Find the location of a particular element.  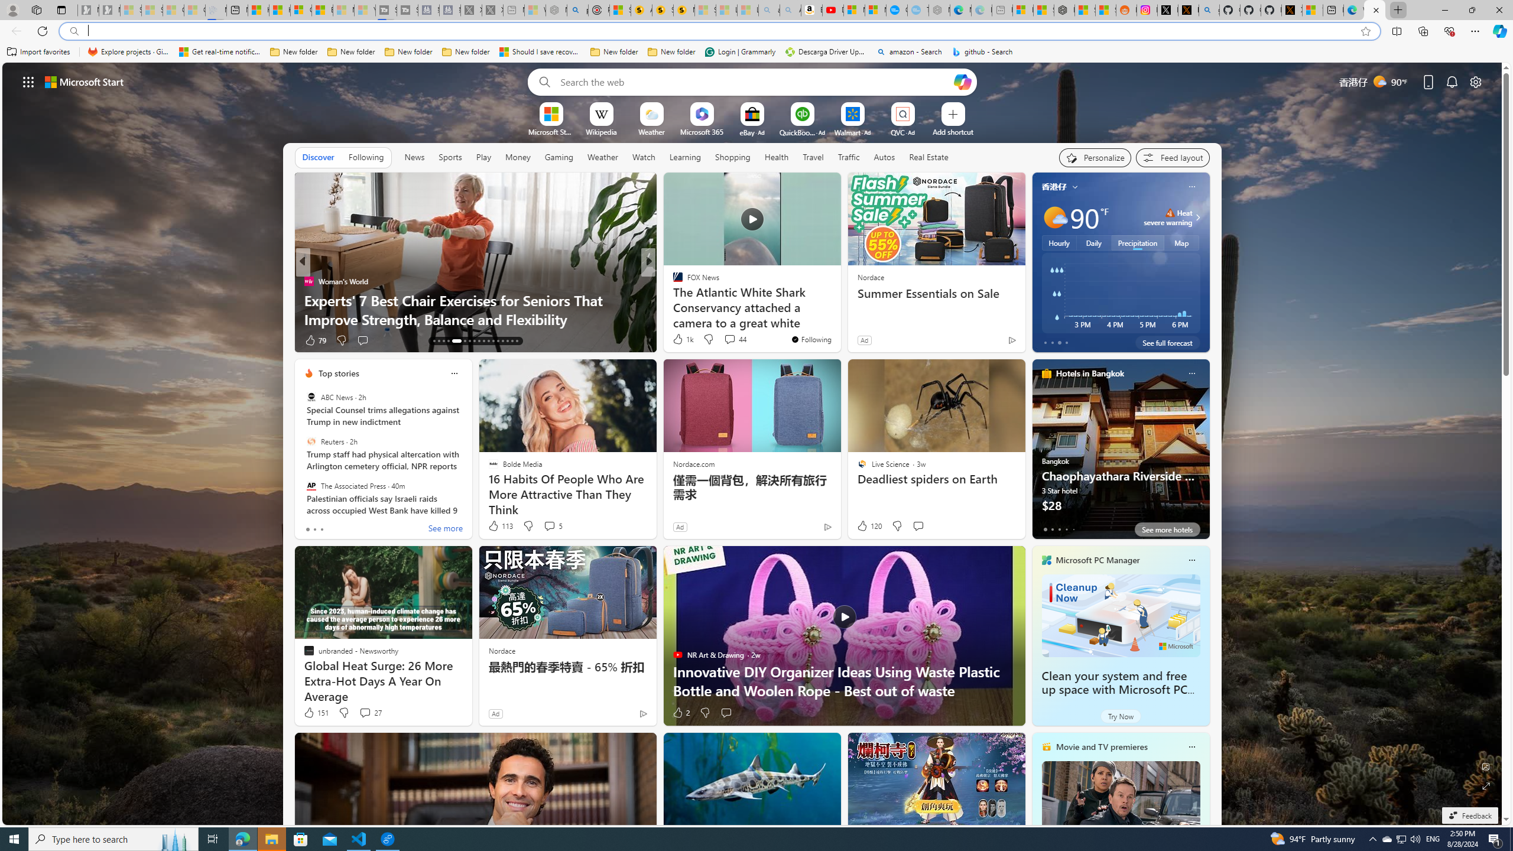

'INSIDER' is located at coordinates (672, 280).